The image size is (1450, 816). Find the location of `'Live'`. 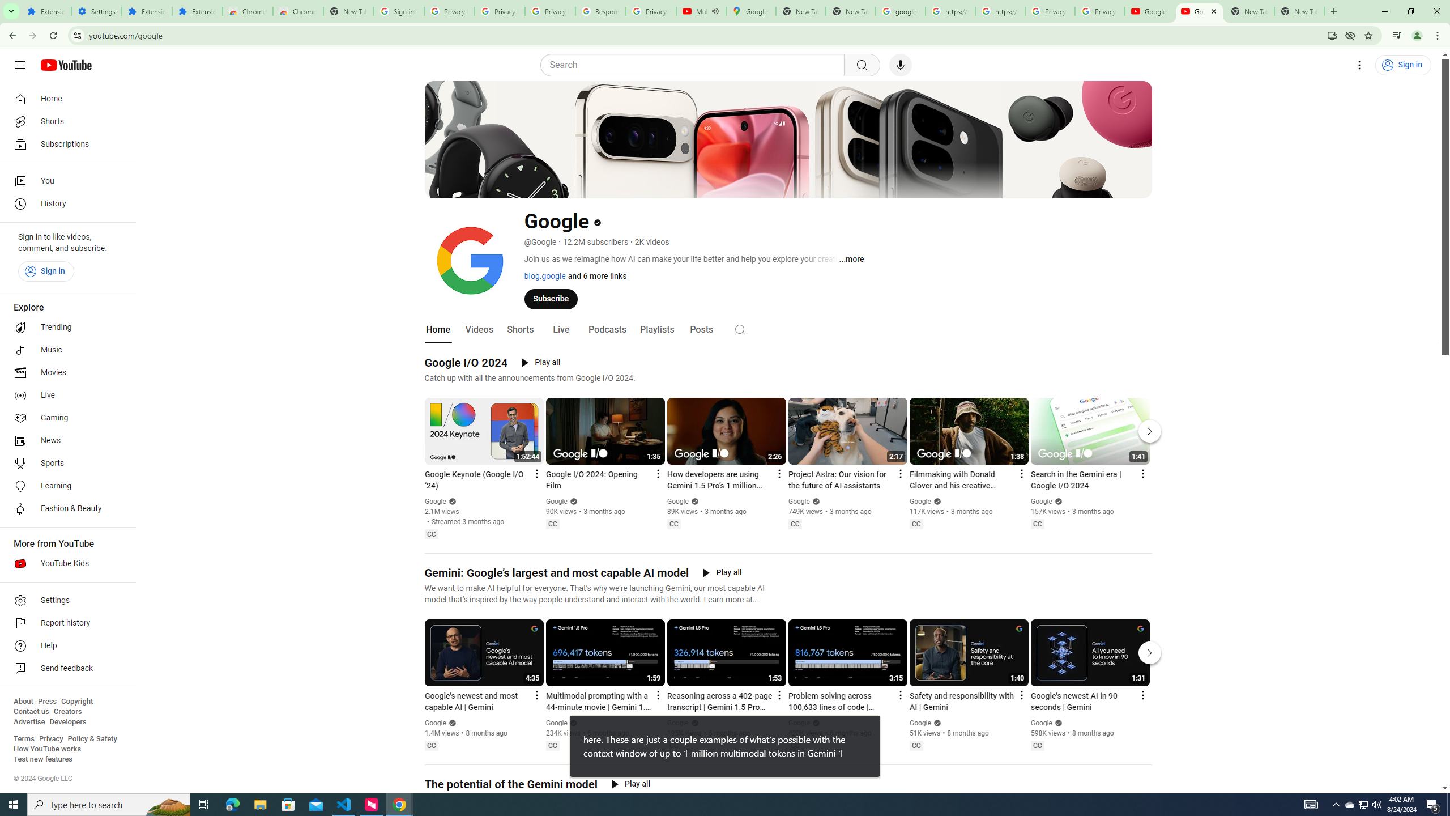

'Live' is located at coordinates (560, 329).